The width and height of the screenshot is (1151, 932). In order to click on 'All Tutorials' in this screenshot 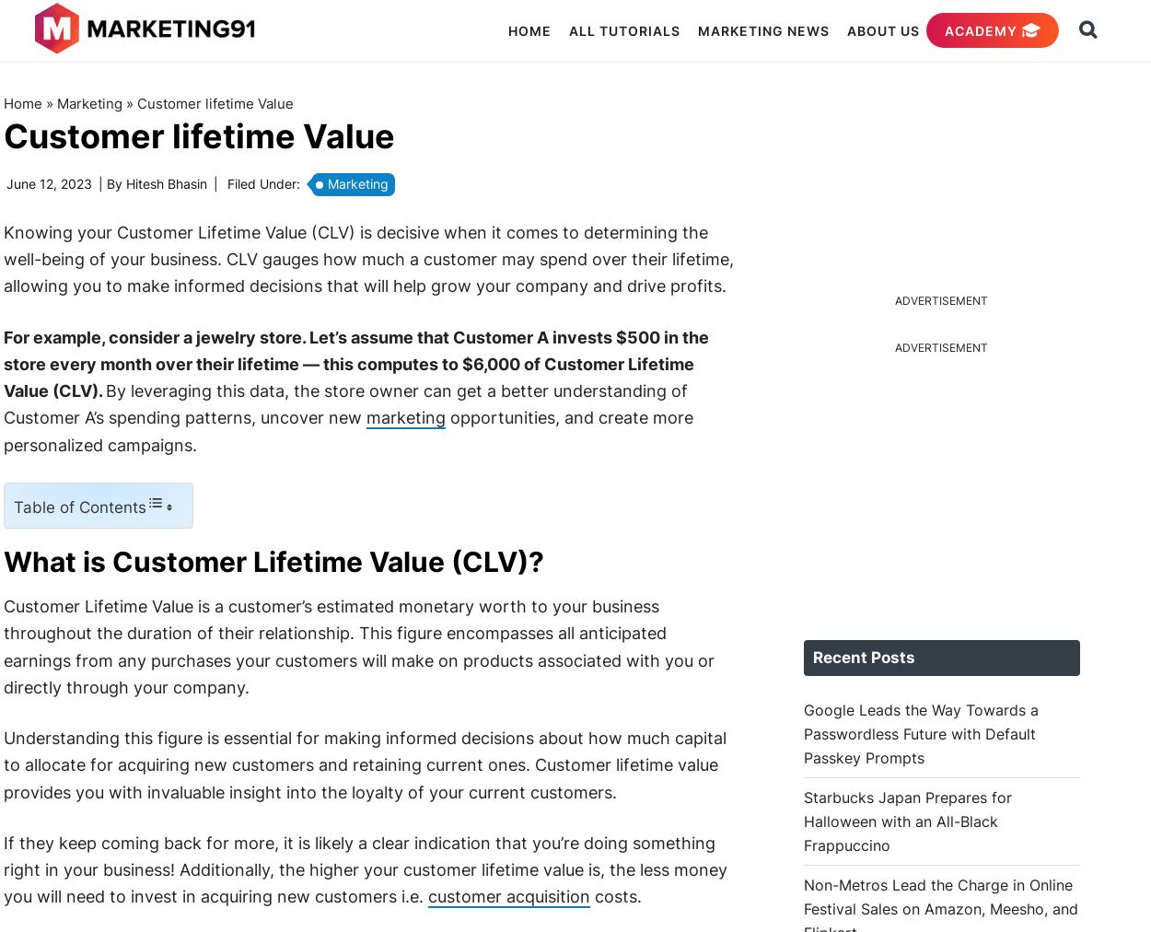, I will do `click(564, 29)`.